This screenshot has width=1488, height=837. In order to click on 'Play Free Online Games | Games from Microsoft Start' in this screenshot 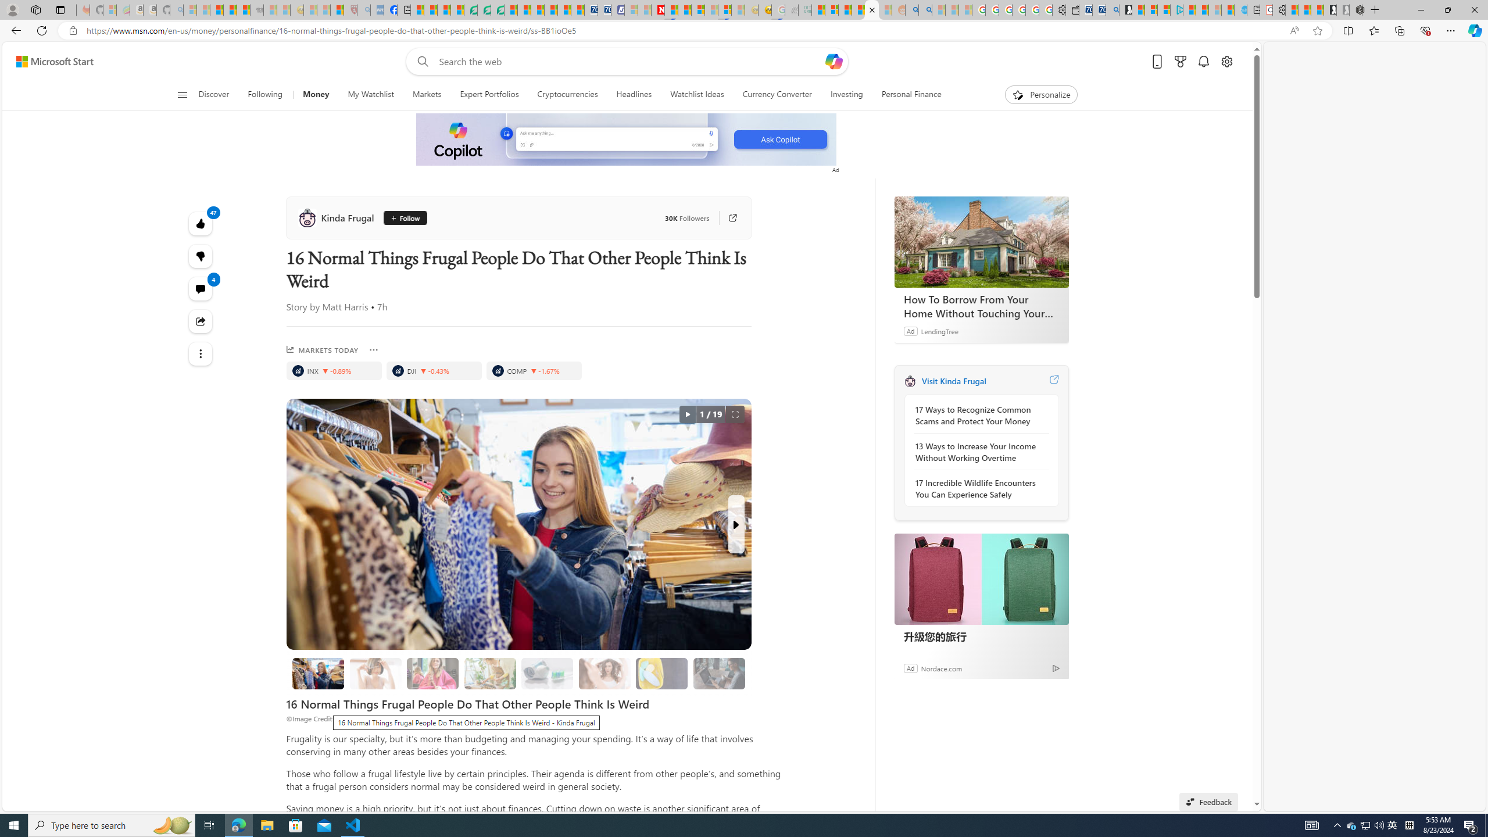, I will do `click(1329, 9)`.